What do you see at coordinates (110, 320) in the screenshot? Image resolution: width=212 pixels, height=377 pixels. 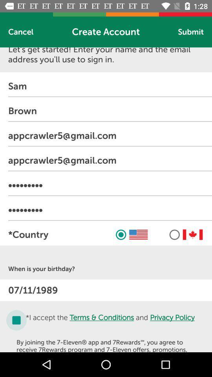 I see `i accept the terms conditions and privacy policy text statement` at bounding box center [110, 320].